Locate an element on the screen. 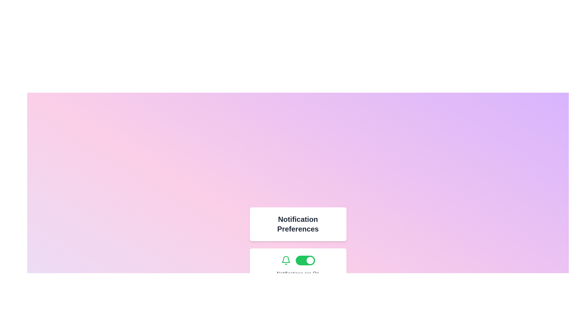 This screenshot has width=580, height=326. the position of the small circular toggle indicator with a polished, modern look to determine the toggle state is located at coordinates (310, 260).